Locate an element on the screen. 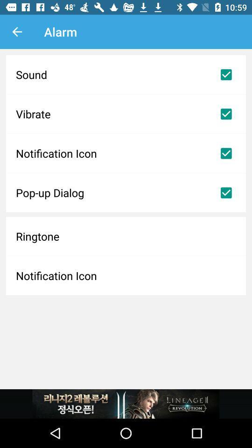 The width and height of the screenshot is (252, 448). ringtone item is located at coordinates (126, 236).